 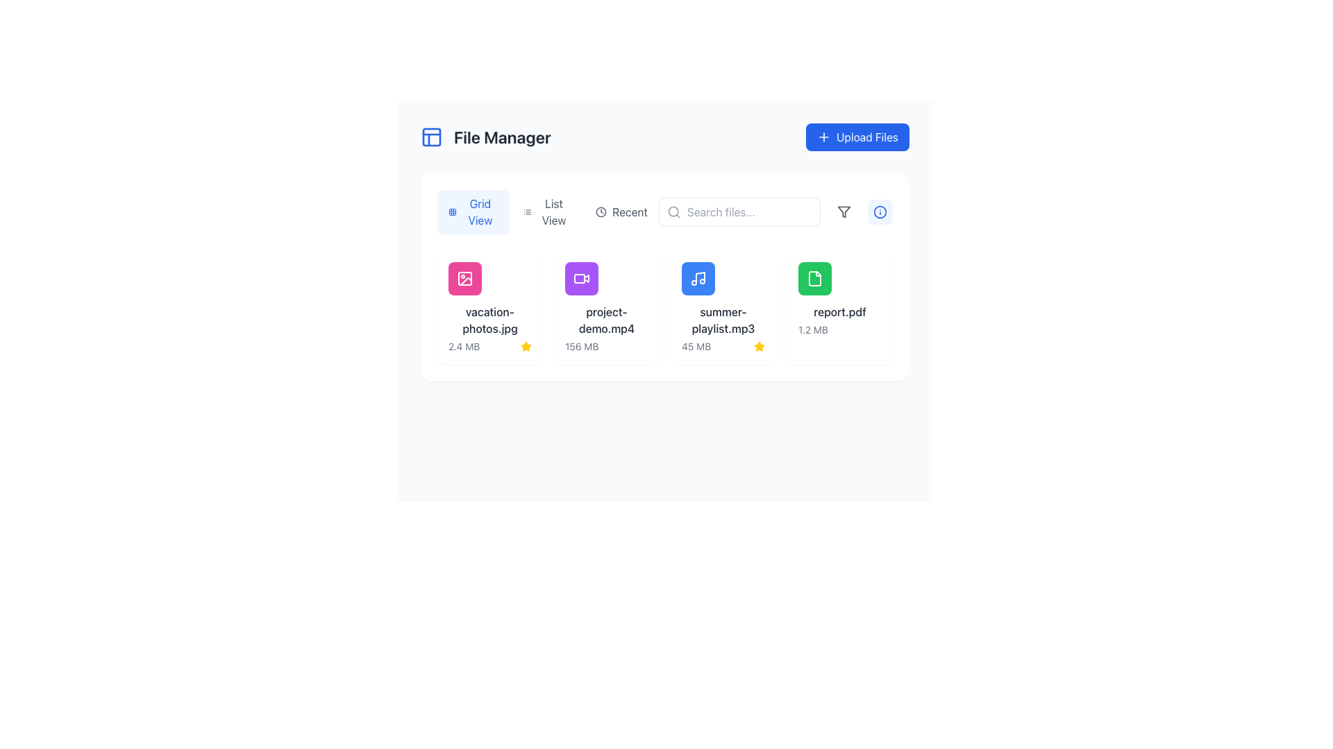 What do you see at coordinates (546, 212) in the screenshot?
I see `the button that switches the display to list format, located below the 'File Manager' title, between 'Grid View' and 'Recent'` at bounding box center [546, 212].